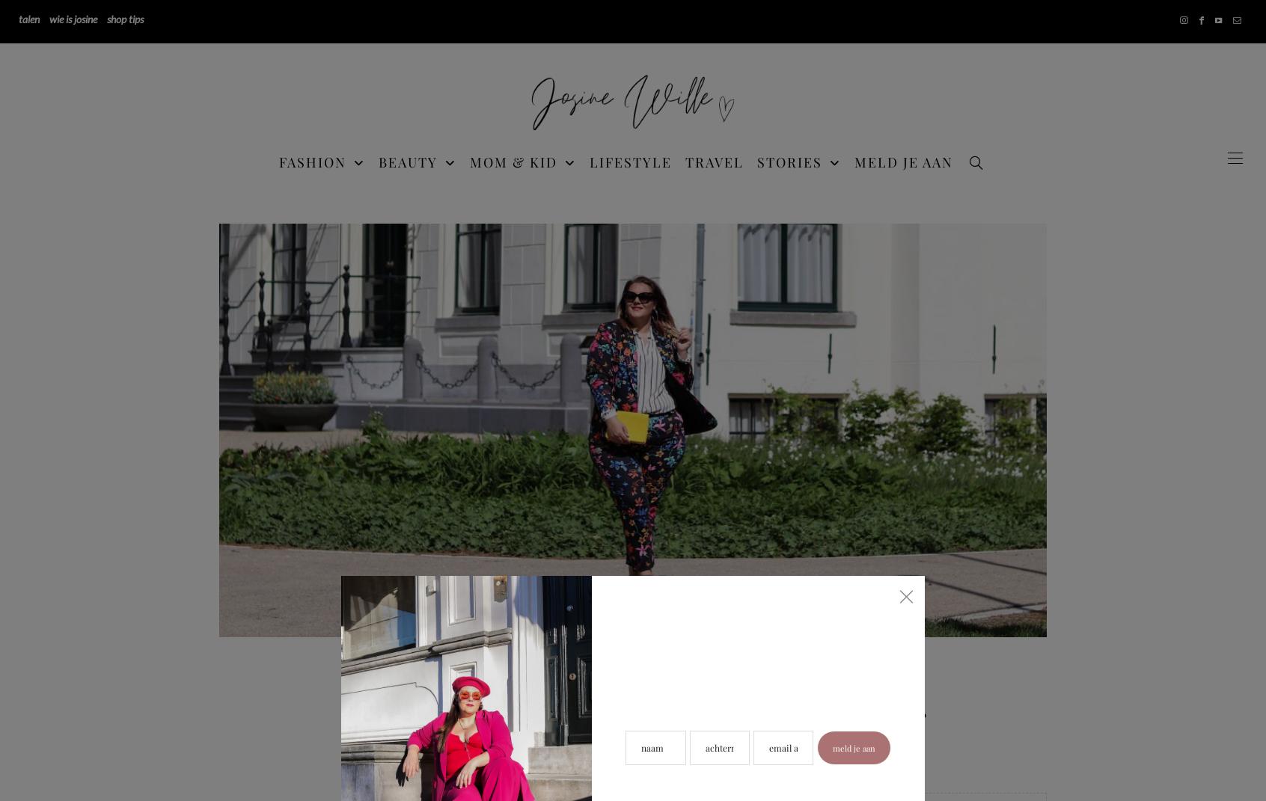 The height and width of the screenshot is (801, 1266). I want to click on 'shop tips', so click(124, 18).